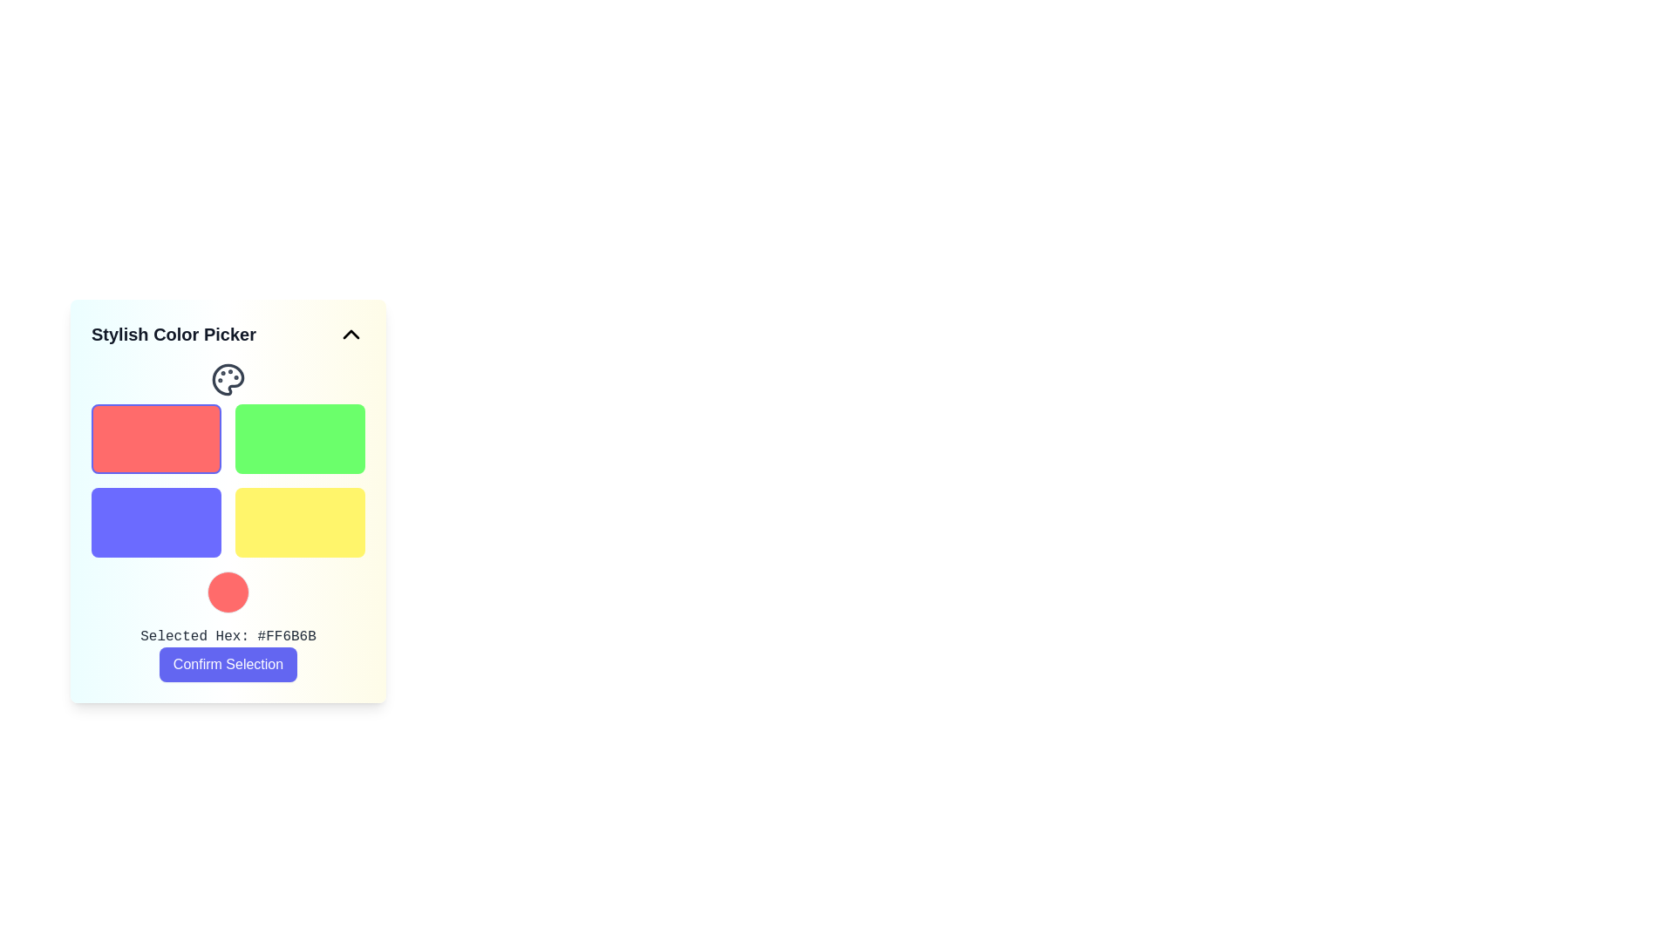 This screenshot has height=941, width=1674. What do you see at coordinates (228, 378) in the screenshot?
I see `the color picker icon located at the top section of the 'Stylish Color Picker' interface, positioned beside the label 'Selected Hex: #FF6B6B'` at bounding box center [228, 378].